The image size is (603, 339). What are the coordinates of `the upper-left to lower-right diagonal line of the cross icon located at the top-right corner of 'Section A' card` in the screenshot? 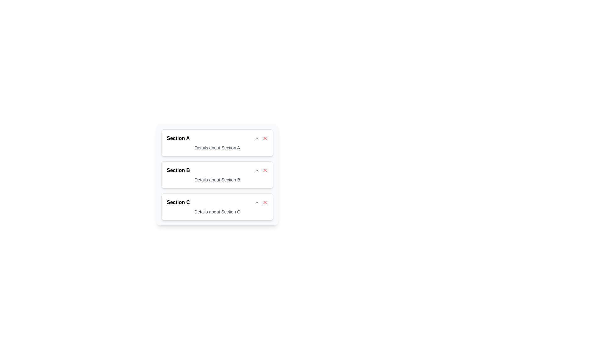 It's located at (265, 138).